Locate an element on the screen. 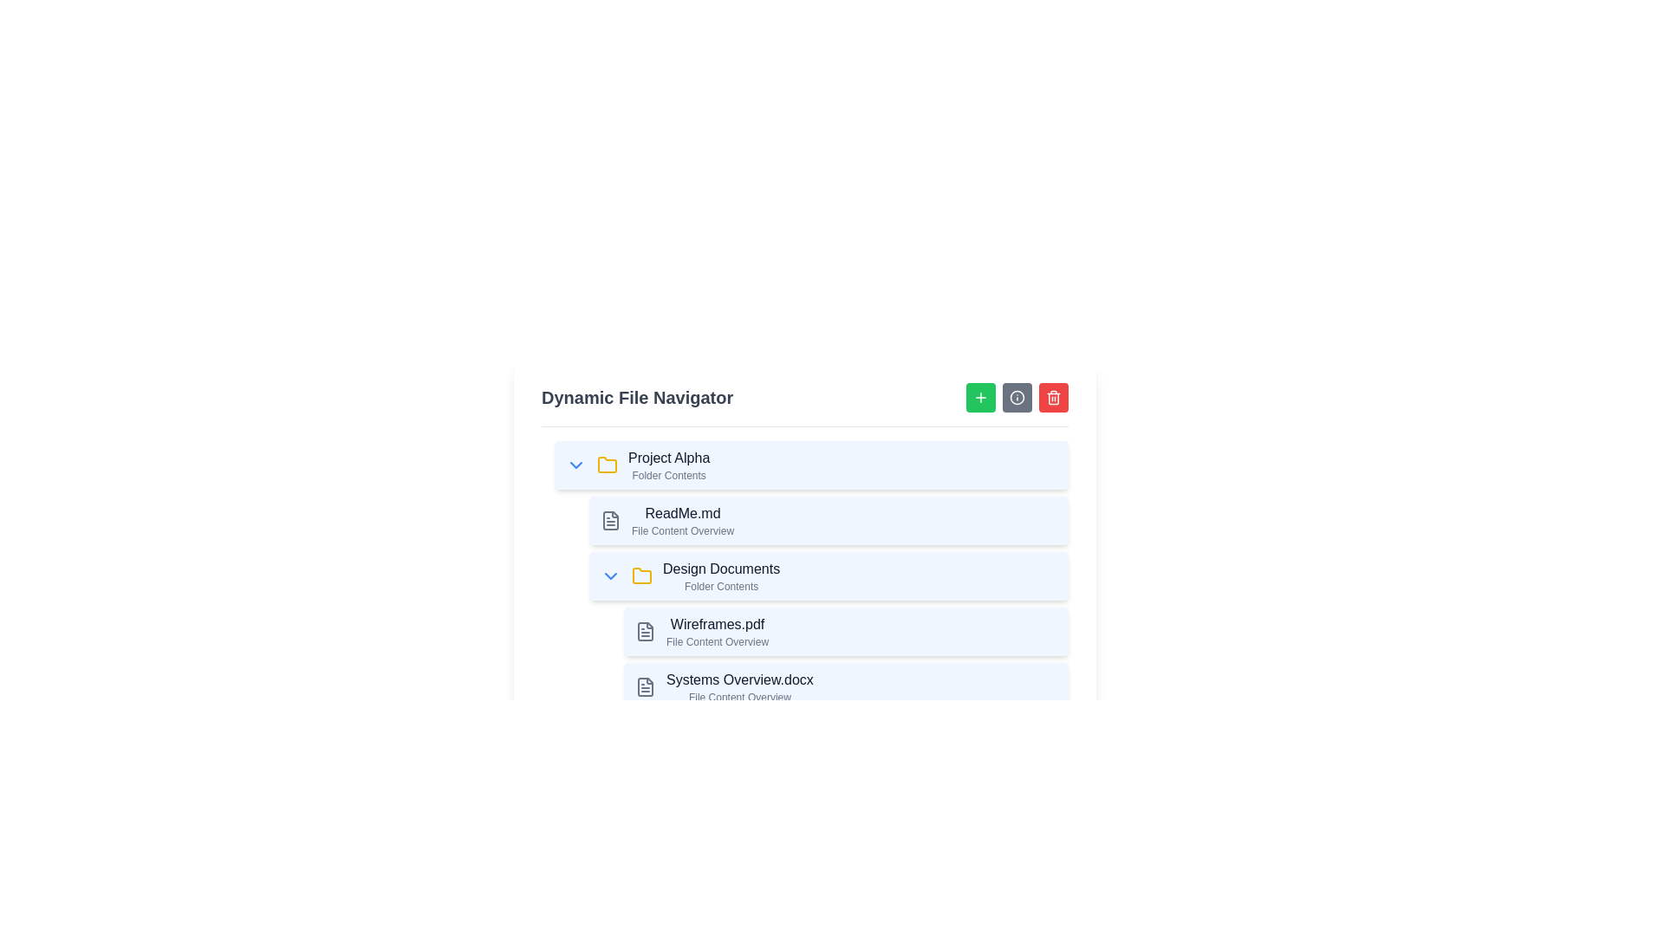  the text label displaying 'File Content Overview' located beneath the title 'ReadMe.md' in the file navigator is located at coordinates (681, 530).